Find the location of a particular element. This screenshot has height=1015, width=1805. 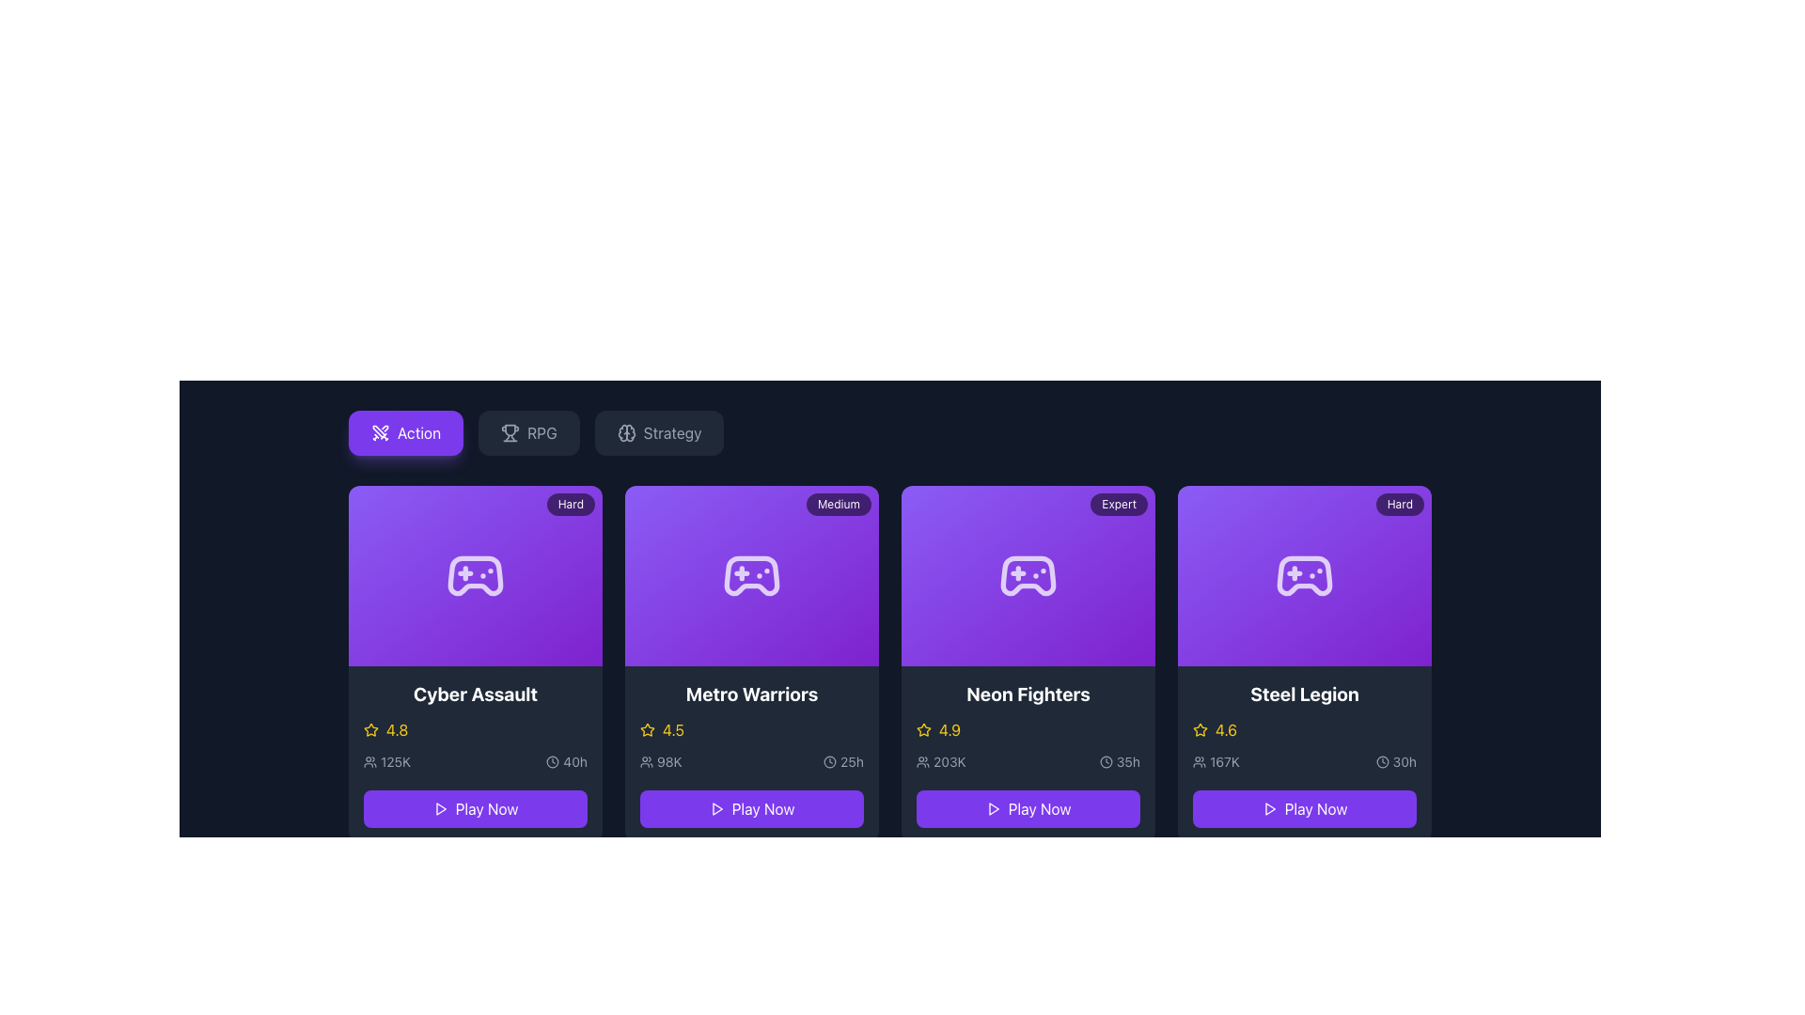

the count display element for 'Steel Legion' which shows the number of participants or viewers, located below the rating and above the time indicator is located at coordinates (1216, 761).